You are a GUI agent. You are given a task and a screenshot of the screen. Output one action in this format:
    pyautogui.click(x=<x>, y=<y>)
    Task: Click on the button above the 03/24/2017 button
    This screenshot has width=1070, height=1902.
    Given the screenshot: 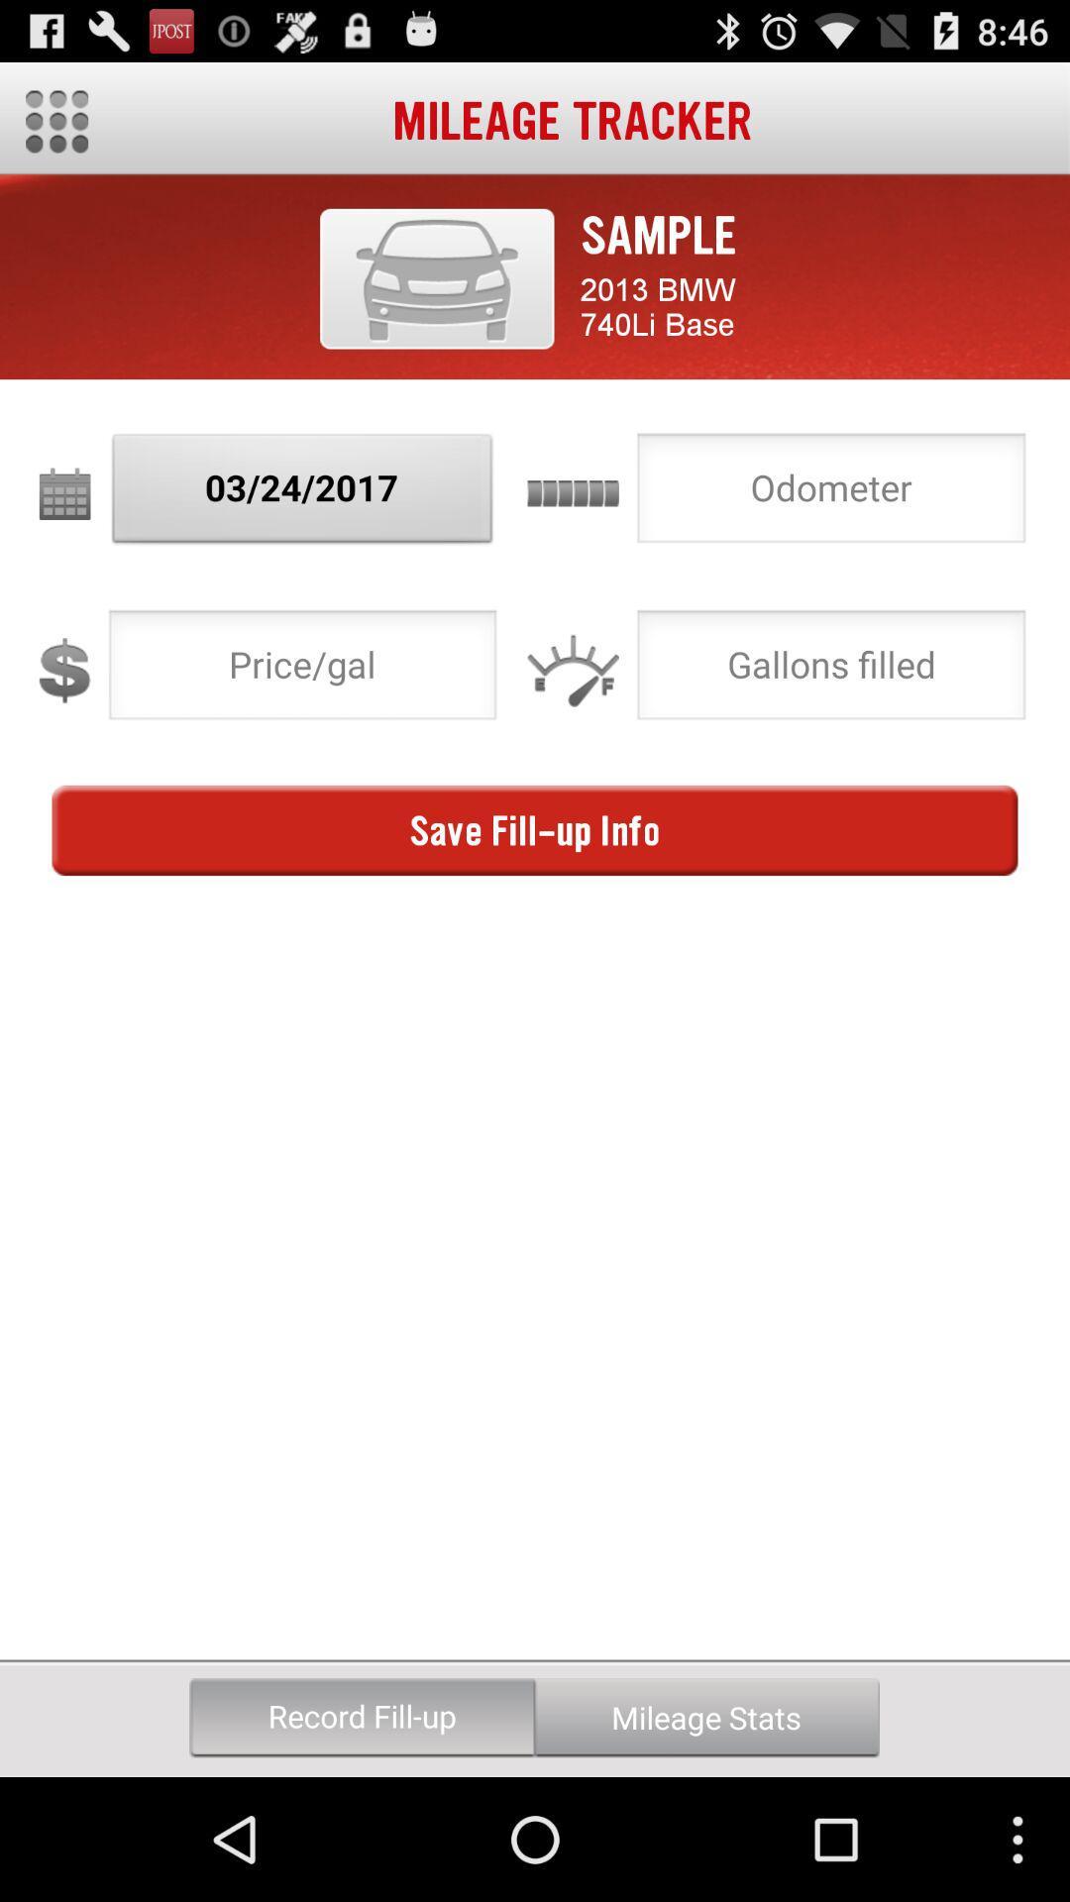 What is the action you would take?
    pyautogui.click(x=436, y=277)
    